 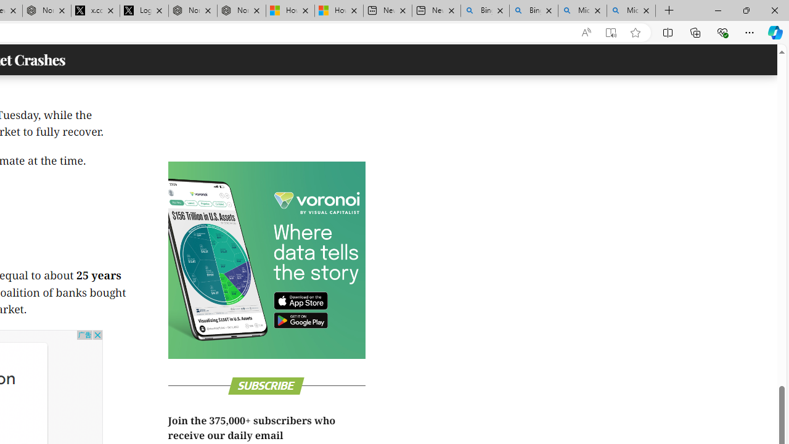 I want to click on 'Enter Immersive Reader (F9)', so click(x=611, y=32).